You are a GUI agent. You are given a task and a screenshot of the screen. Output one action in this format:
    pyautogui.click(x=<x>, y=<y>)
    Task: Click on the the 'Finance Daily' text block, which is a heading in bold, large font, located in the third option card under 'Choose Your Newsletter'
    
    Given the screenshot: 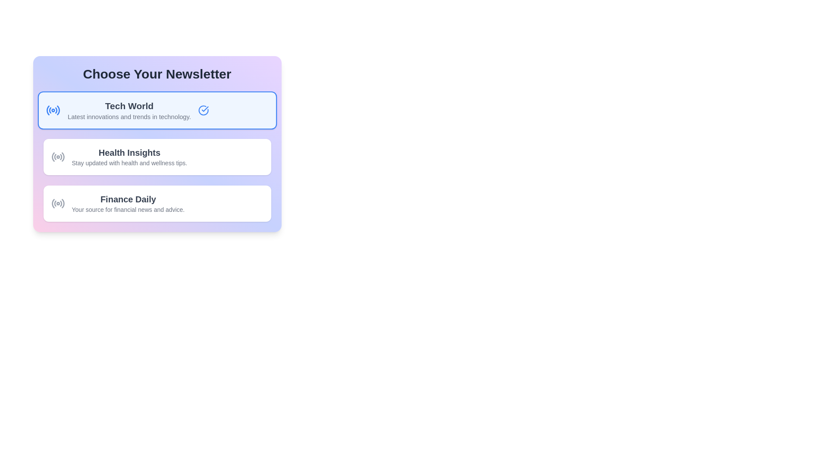 What is the action you would take?
    pyautogui.click(x=128, y=203)
    